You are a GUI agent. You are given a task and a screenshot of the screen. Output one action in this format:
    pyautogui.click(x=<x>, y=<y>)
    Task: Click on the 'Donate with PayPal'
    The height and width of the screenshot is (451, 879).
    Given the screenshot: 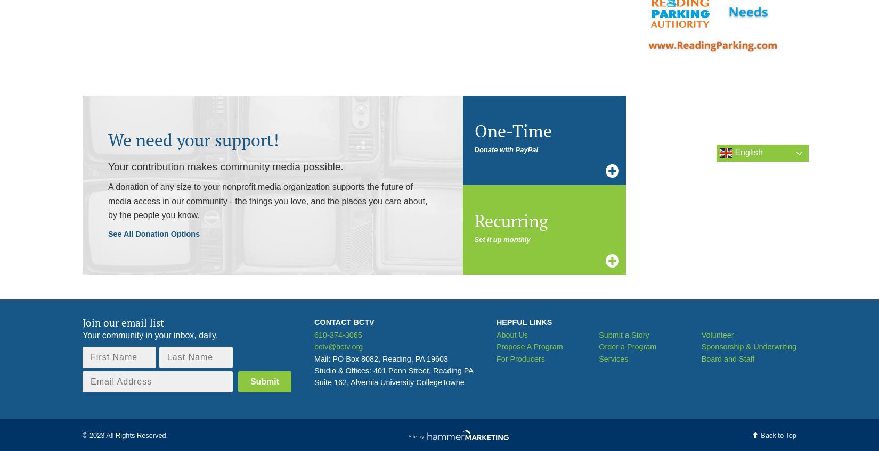 What is the action you would take?
    pyautogui.click(x=506, y=149)
    